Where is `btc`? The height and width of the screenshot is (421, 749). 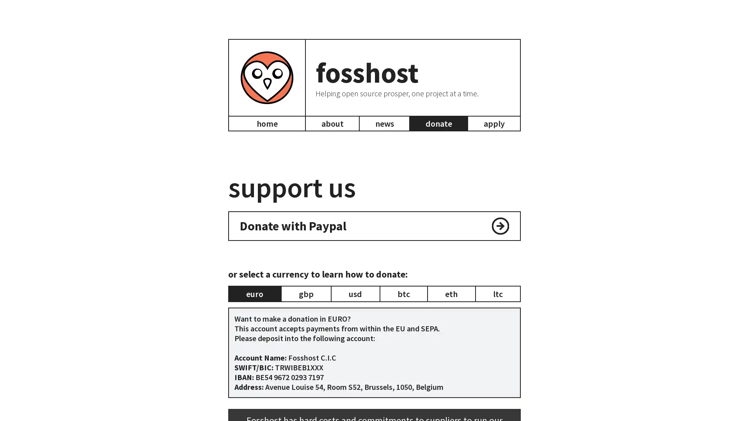 btc is located at coordinates (403, 294).